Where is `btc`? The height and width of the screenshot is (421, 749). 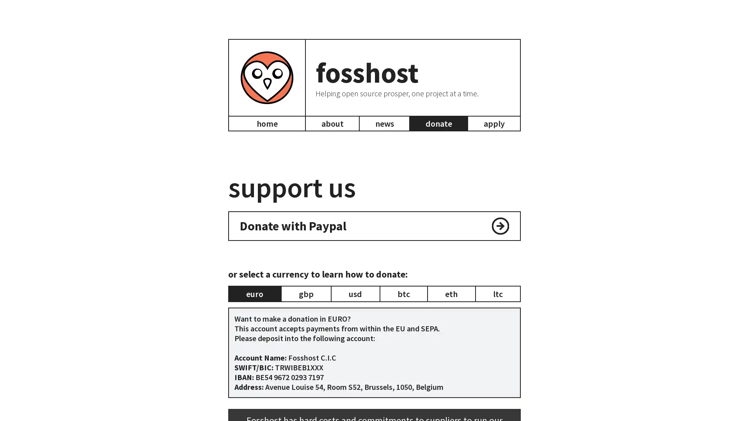 btc is located at coordinates (403, 294).